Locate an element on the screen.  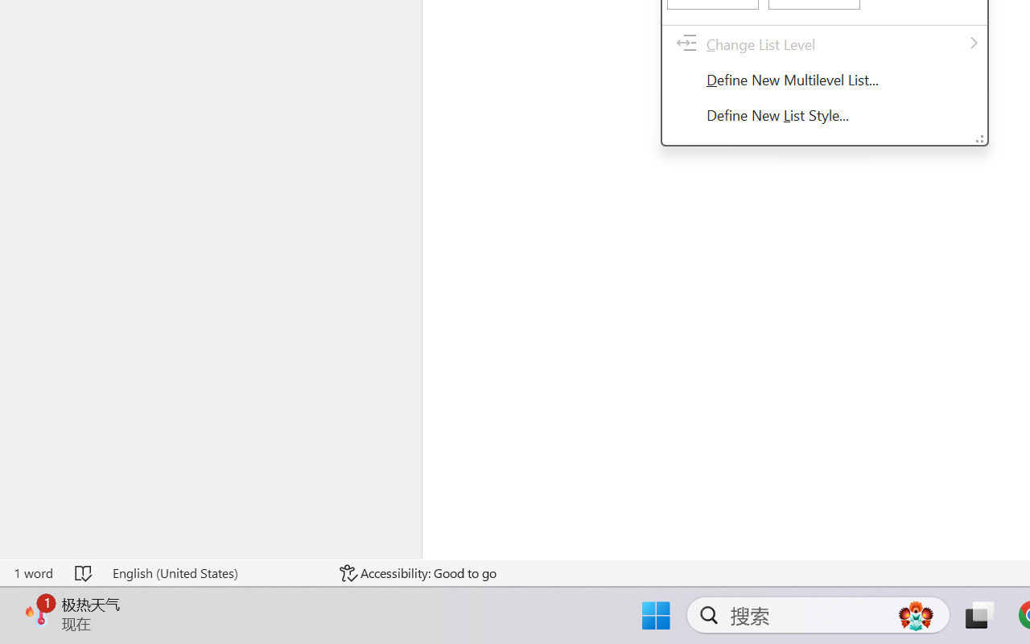
'No Problems' is located at coordinates (54, 598).